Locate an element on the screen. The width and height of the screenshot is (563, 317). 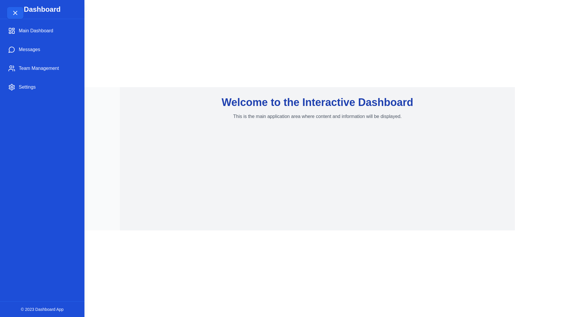
toggle button at the top-left corner to toggle the drawer visibility is located at coordinates (15, 13).